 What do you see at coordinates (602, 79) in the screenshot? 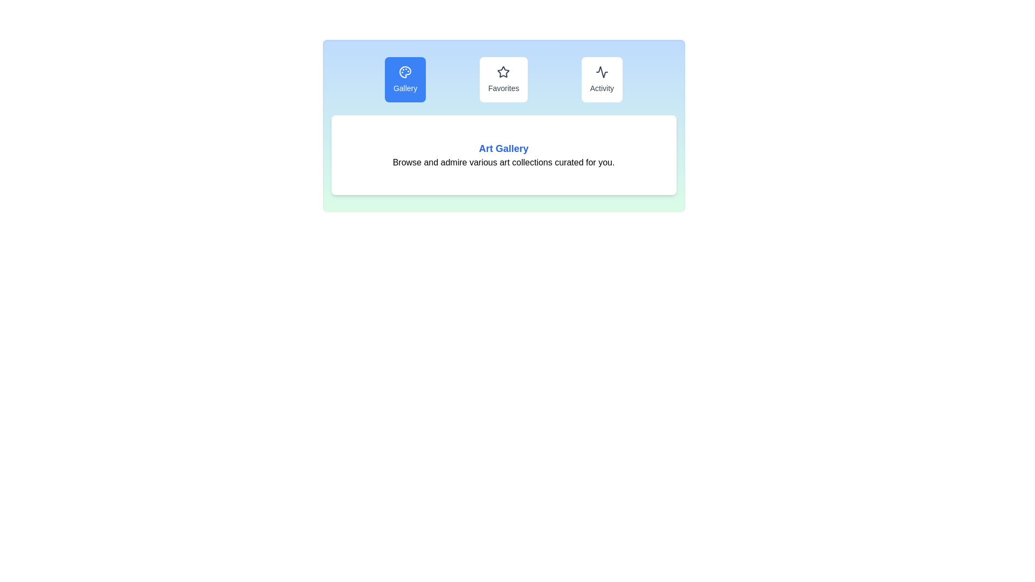
I see `the tab labeled Activity to display its content` at bounding box center [602, 79].